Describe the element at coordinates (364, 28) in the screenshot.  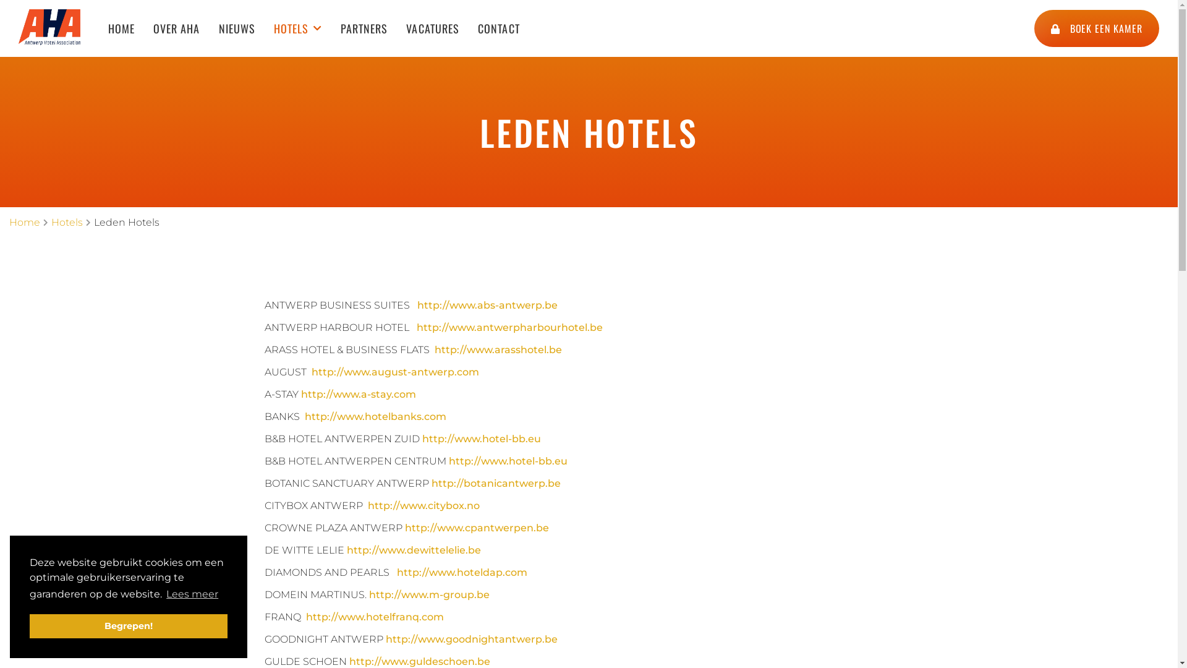
I see `'PARTNERS'` at that location.